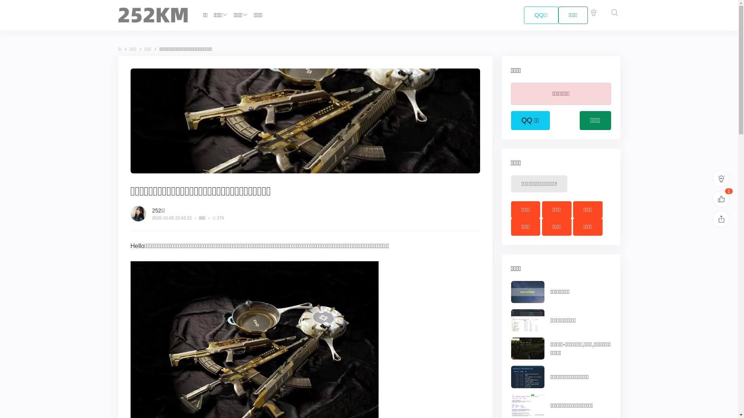 Image resolution: width=744 pixels, height=418 pixels. Describe the element at coordinates (721, 198) in the screenshot. I see `'1'` at that location.